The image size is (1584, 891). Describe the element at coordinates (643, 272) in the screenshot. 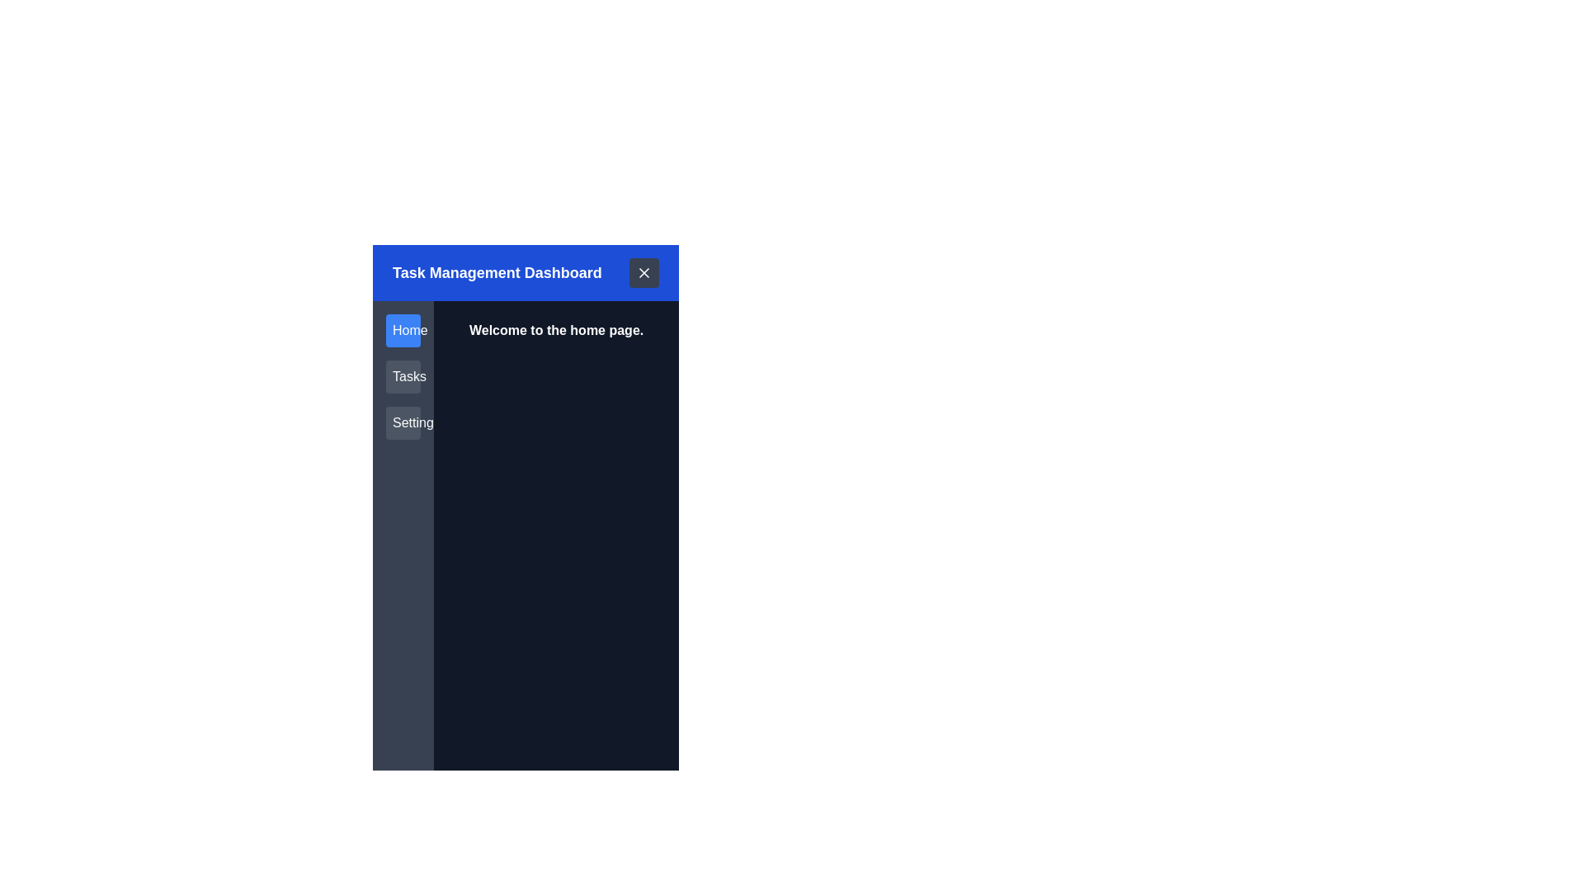

I see `the dark gray button with an 'X' icon in the top-right corner of the blue header bar labeled 'Task Management Dashboard'` at that location.